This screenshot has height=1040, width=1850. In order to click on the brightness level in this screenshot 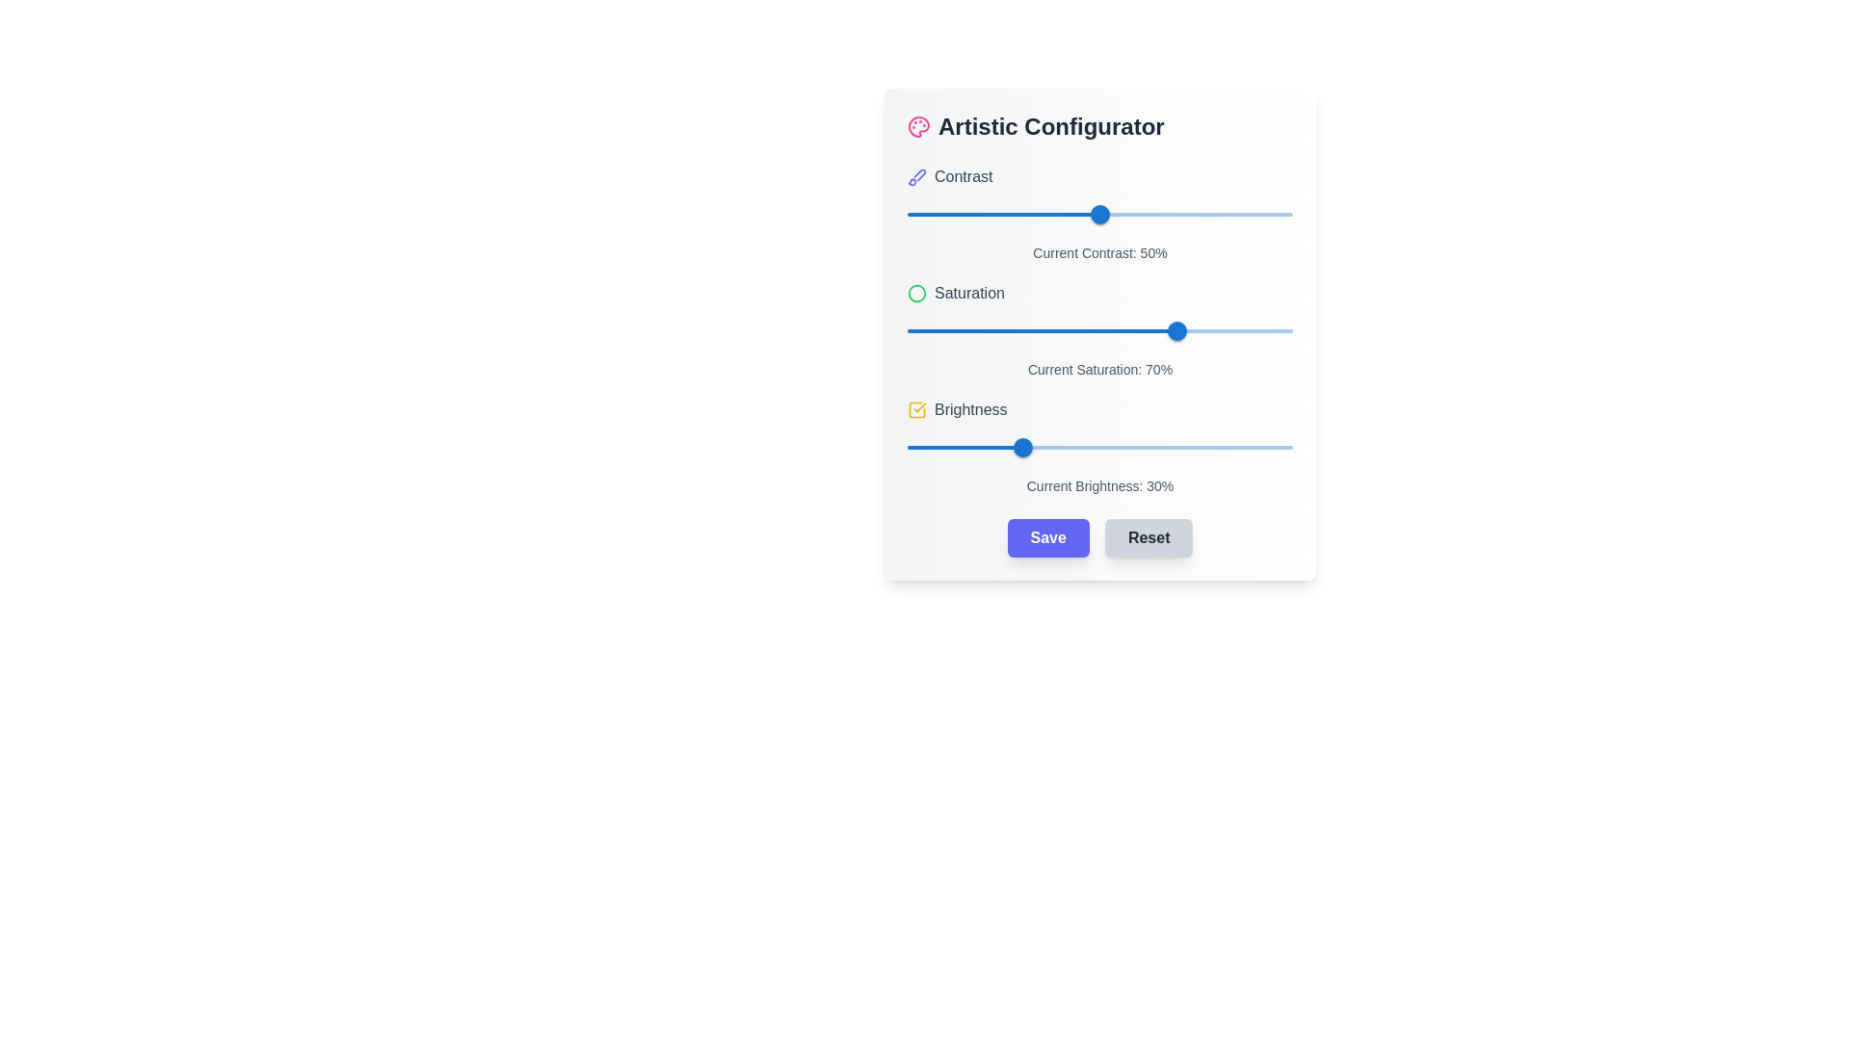, I will do `click(1053, 448)`.